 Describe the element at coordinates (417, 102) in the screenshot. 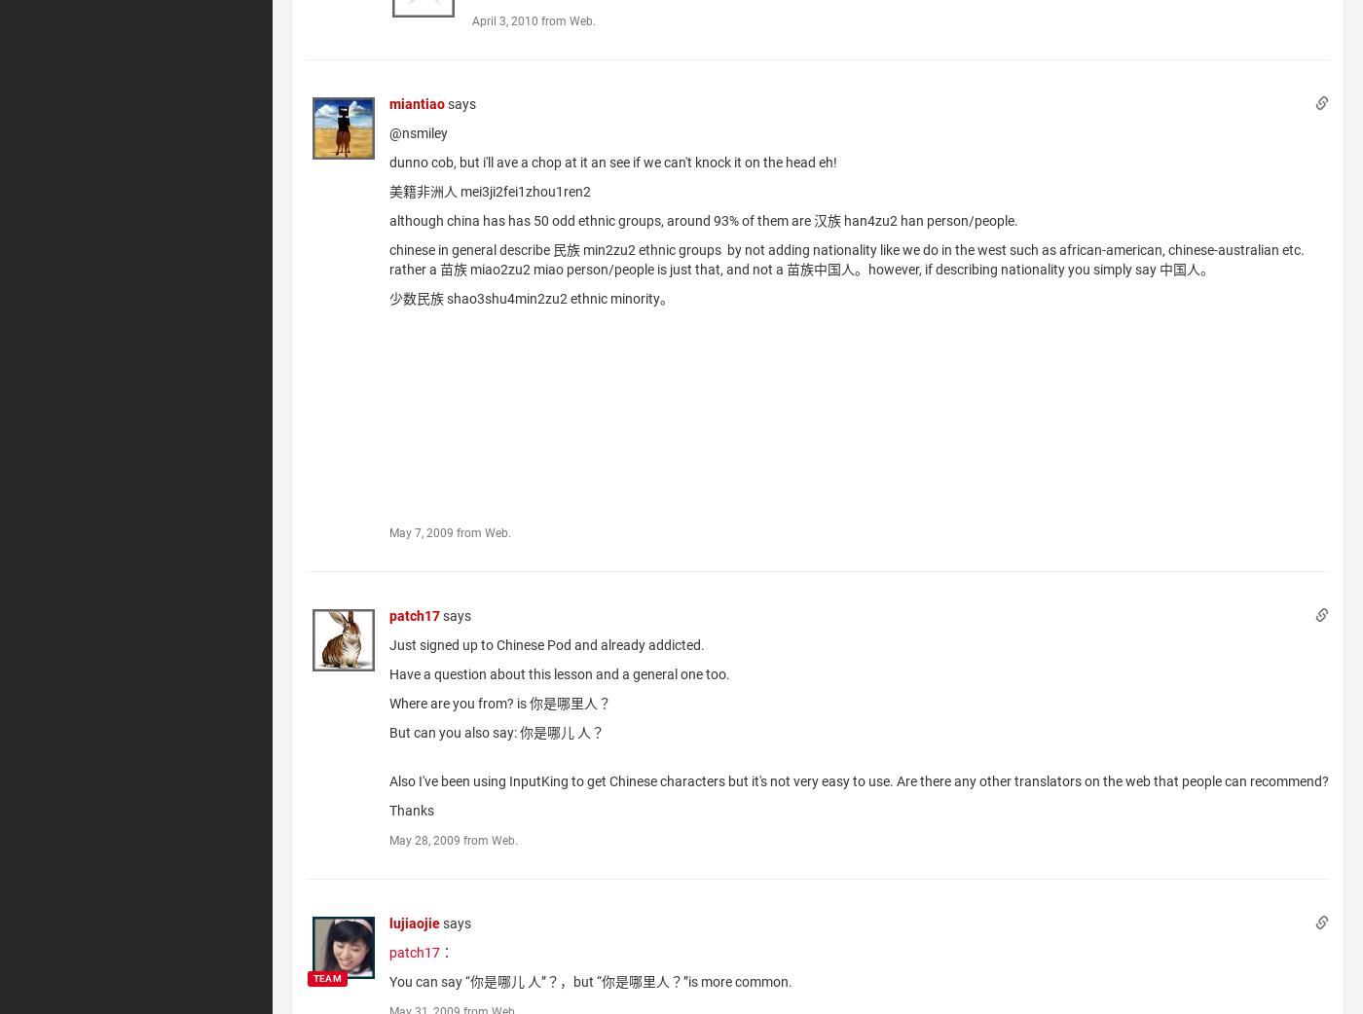

I see `'miantiao'` at that location.